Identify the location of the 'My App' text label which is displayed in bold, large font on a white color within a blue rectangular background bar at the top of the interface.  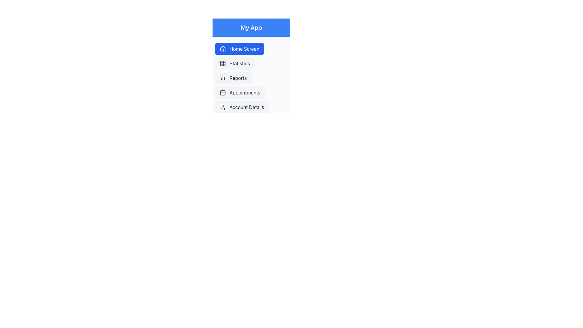
(251, 28).